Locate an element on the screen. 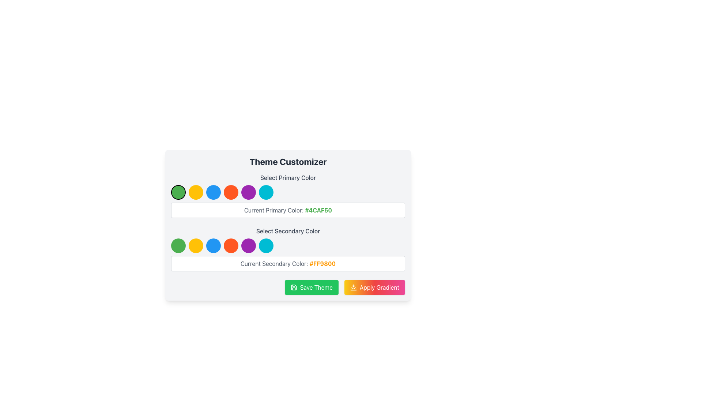  the 'Save Theme' button located on the right side of the 'Theme Customizer' interface is located at coordinates (312, 287).